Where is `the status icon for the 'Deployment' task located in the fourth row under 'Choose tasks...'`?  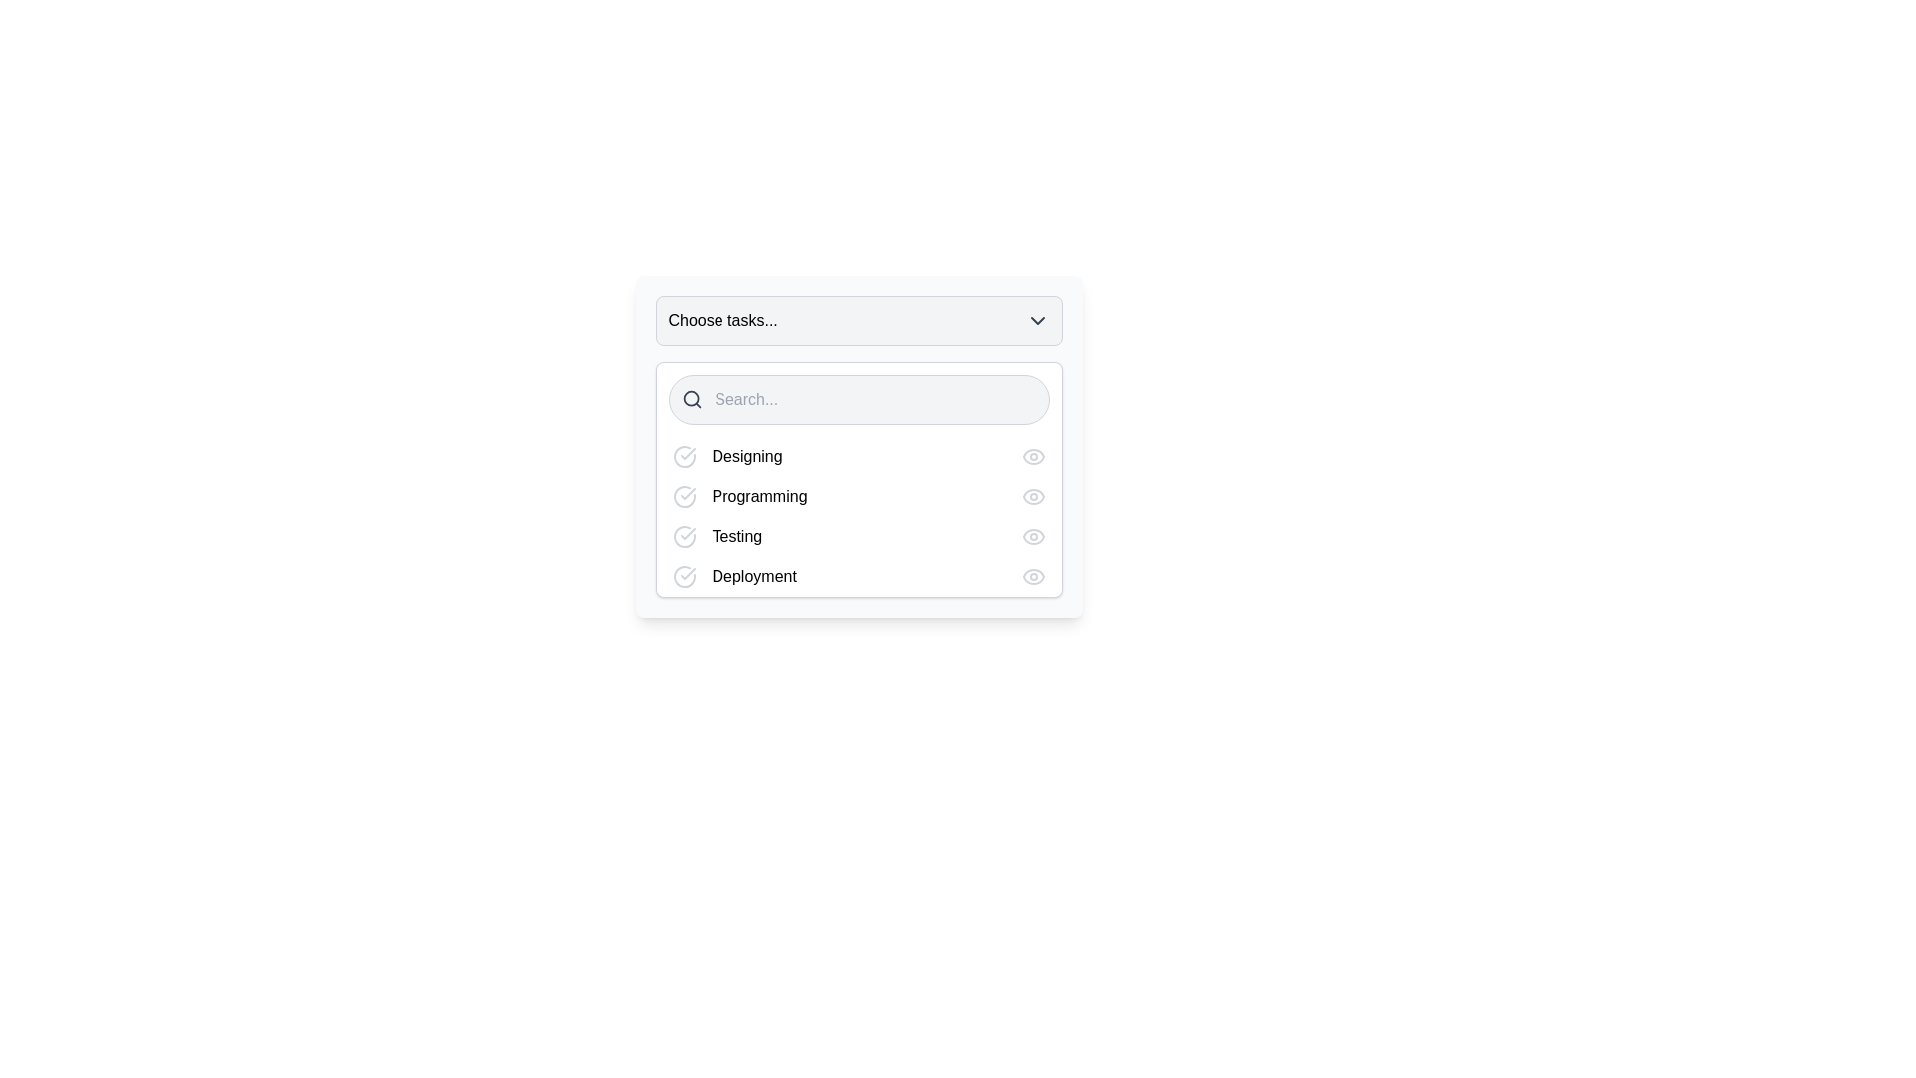 the status icon for the 'Deployment' task located in the fourth row under 'Choose tasks...' is located at coordinates (684, 577).